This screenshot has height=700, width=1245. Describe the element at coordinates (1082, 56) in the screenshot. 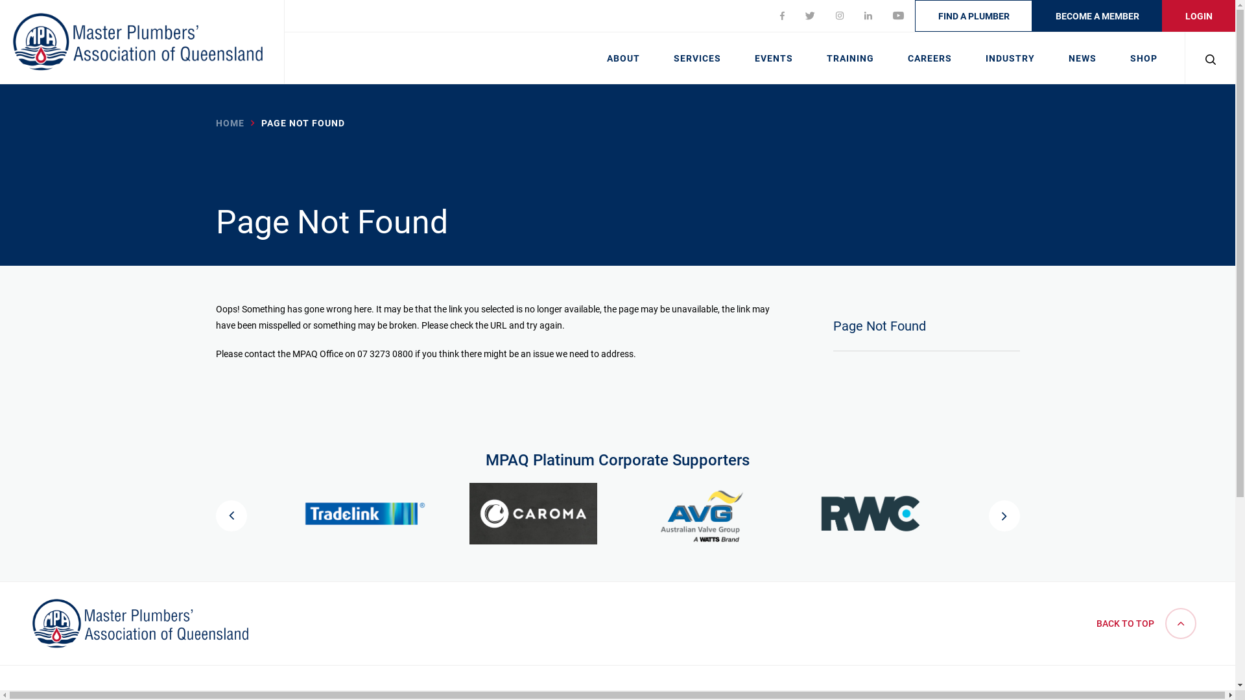

I see `'NEWS'` at that location.